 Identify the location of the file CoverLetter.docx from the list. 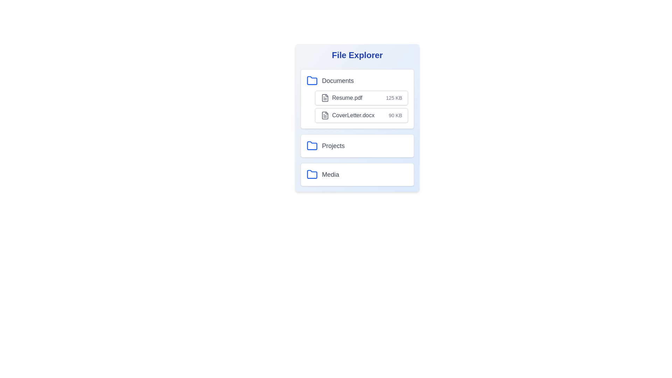
(348, 115).